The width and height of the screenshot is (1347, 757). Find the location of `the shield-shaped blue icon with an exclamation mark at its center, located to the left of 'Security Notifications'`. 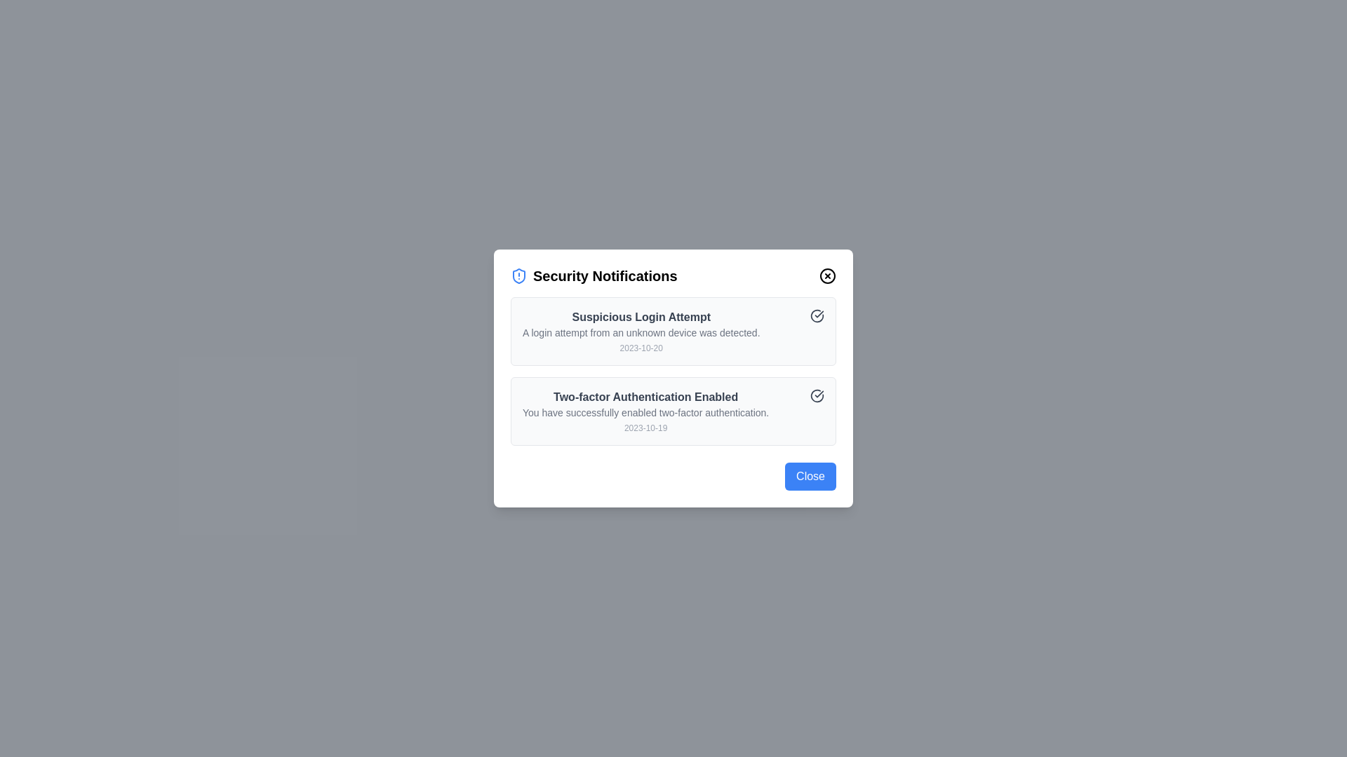

the shield-shaped blue icon with an exclamation mark at its center, located to the left of 'Security Notifications' is located at coordinates (518, 275).